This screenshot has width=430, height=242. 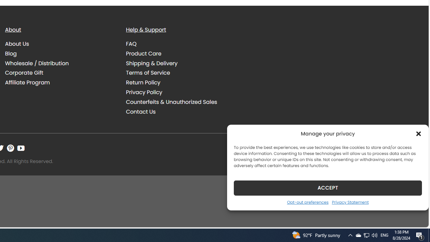 I want to click on 'Class: cmplz-close', so click(x=418, y=133).